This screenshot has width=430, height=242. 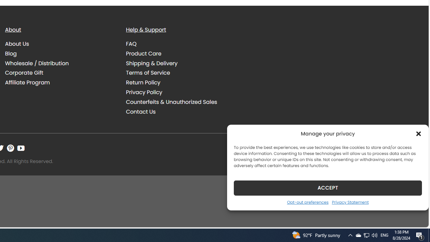 I want to click on 'Class: cmplz-close', so click(x=418, y=133).